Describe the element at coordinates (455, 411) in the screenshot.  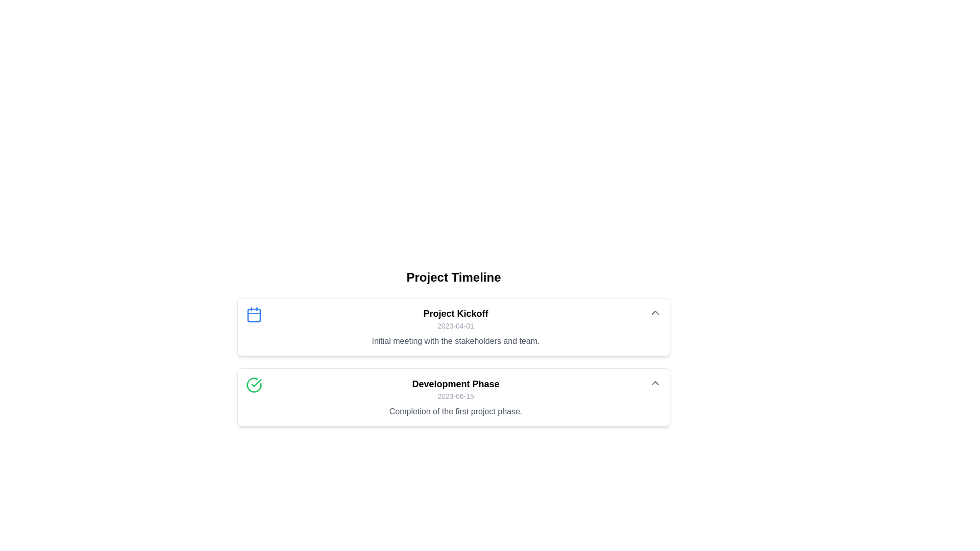
I see `the descriptive text that reads 'Completion of the first project phase.', located below the date '2023-06-15' in the 'Development Phase' timeline card` at that location.